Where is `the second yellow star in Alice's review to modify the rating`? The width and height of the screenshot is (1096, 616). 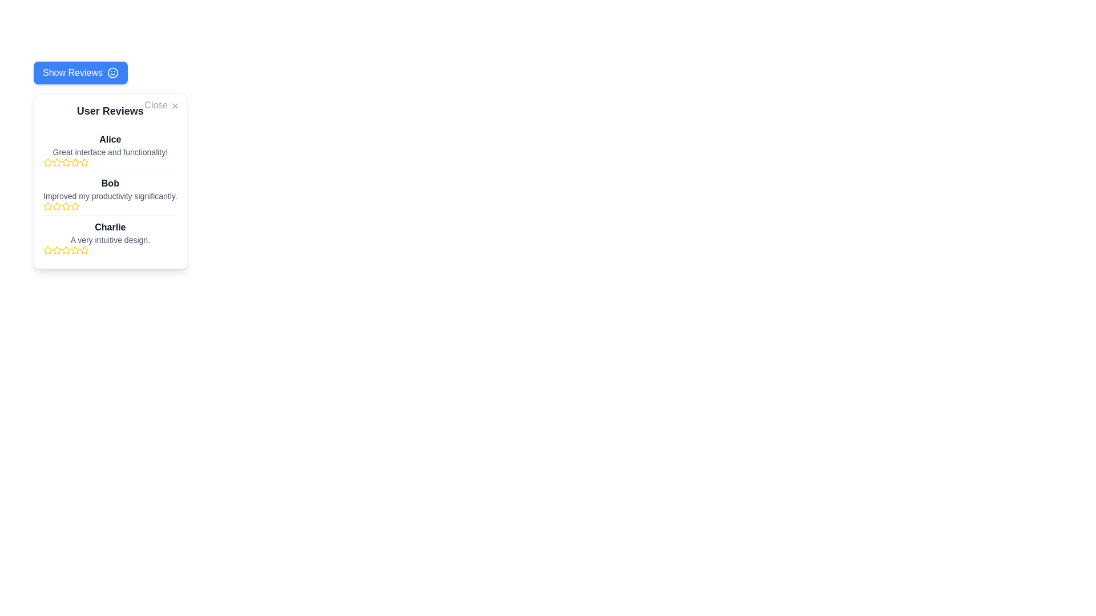 the second yellow star in Alice's review to modify the rating is located at coordinates (84, 162).